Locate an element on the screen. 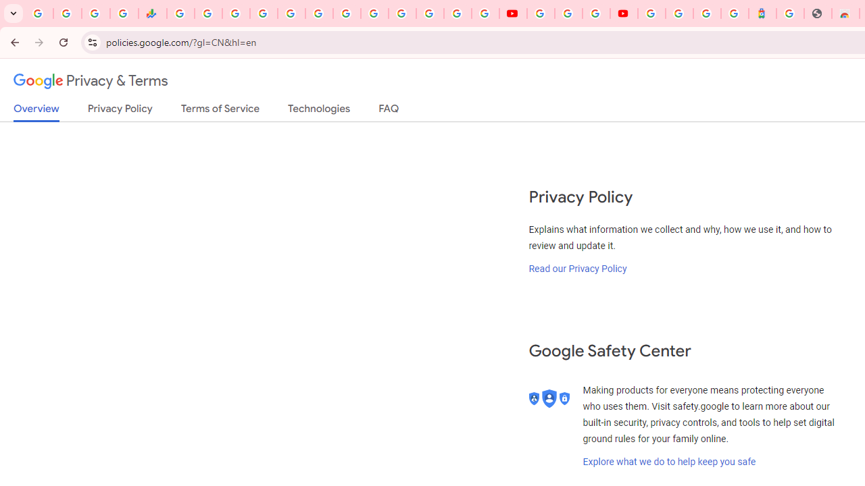  'Content Creator Programs & Opportunities - YouTube Creators' is located at coordinates (623, 13).